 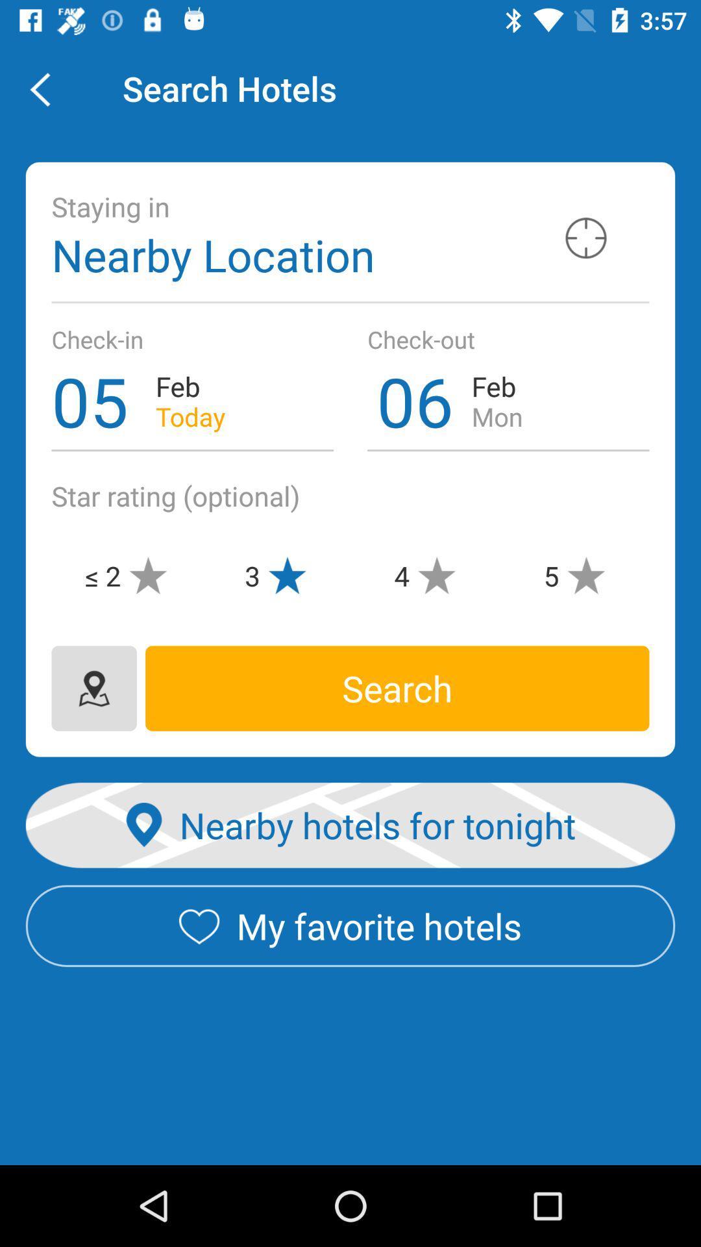 I want to click on press the target, so click(x=585, y=238).